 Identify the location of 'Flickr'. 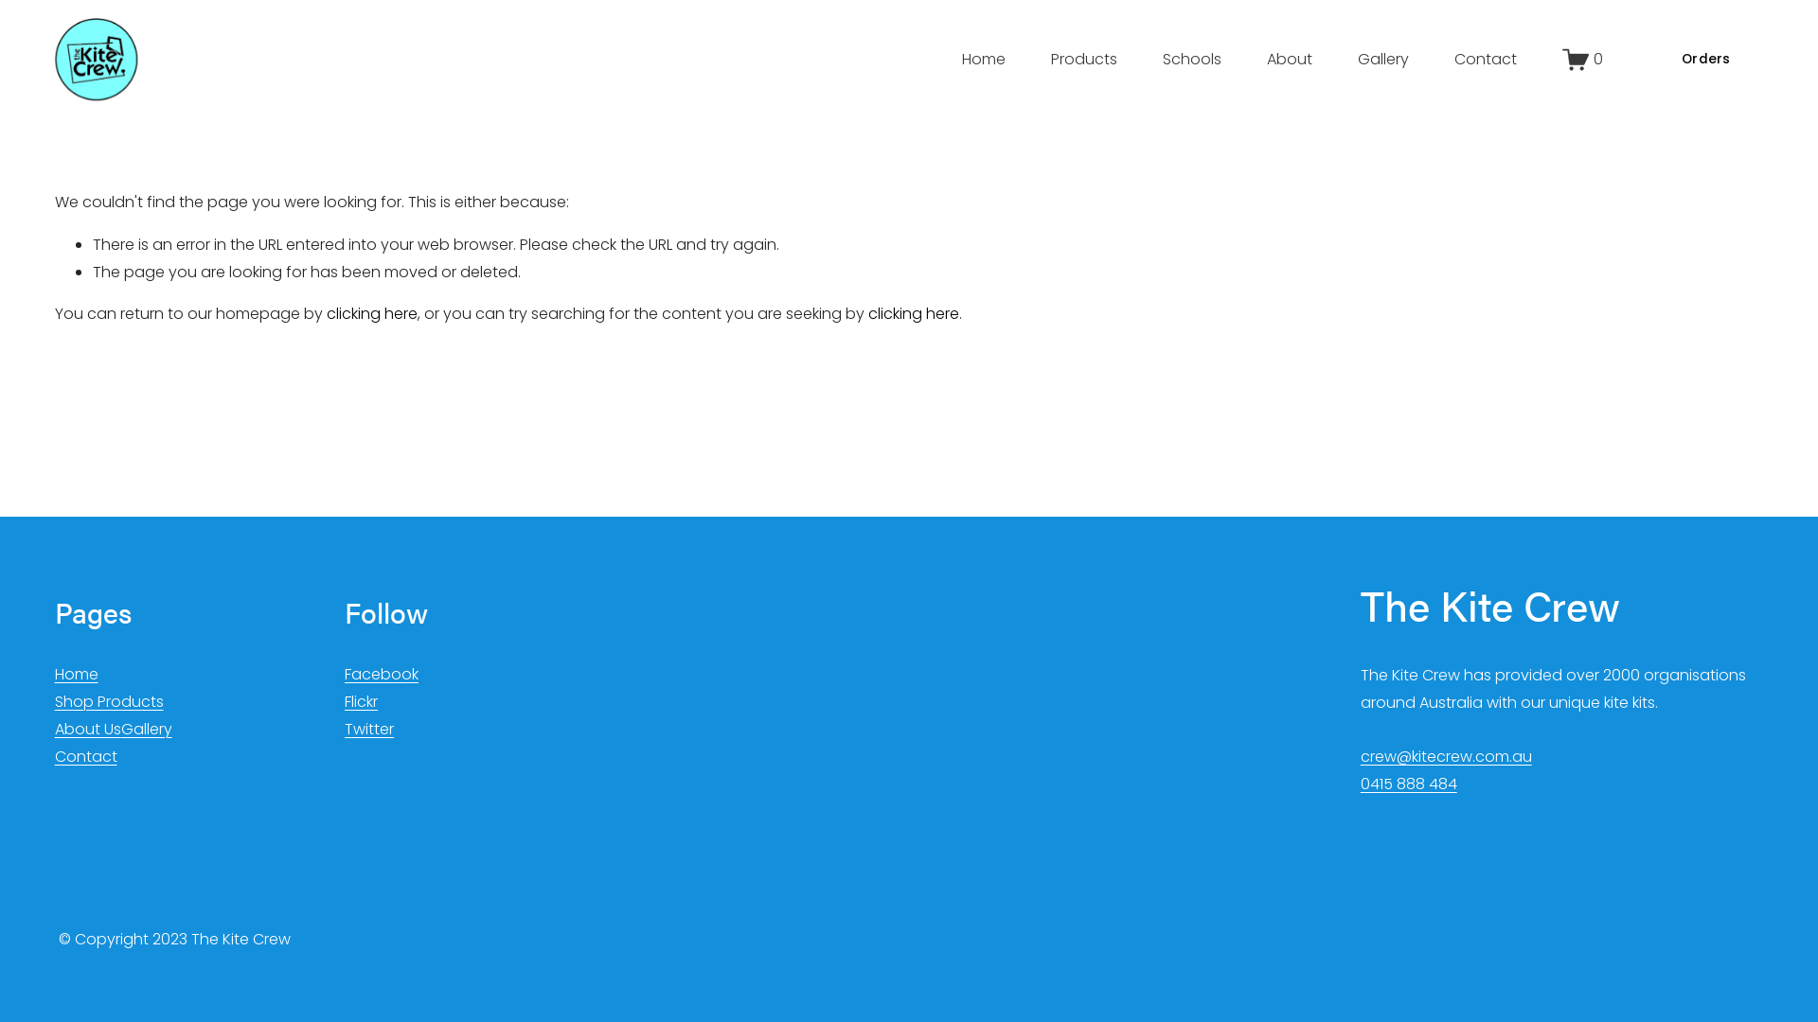
(361, 702).